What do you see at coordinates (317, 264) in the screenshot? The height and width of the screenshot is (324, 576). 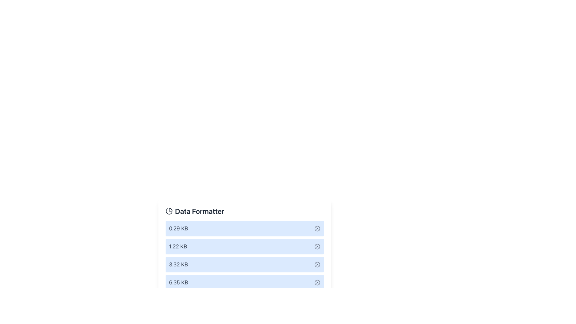 I see `the circular button with a cross icon that changes to red when hovered, located to the right of the text '3.32 KB'` at bounding box center [317, 264].